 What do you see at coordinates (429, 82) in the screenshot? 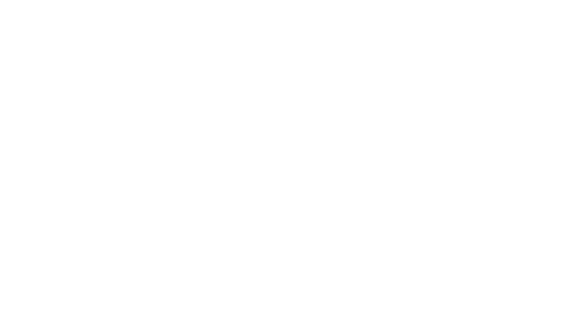
I see `'Life after Wellingborough'` at bounding box center [429, 82].